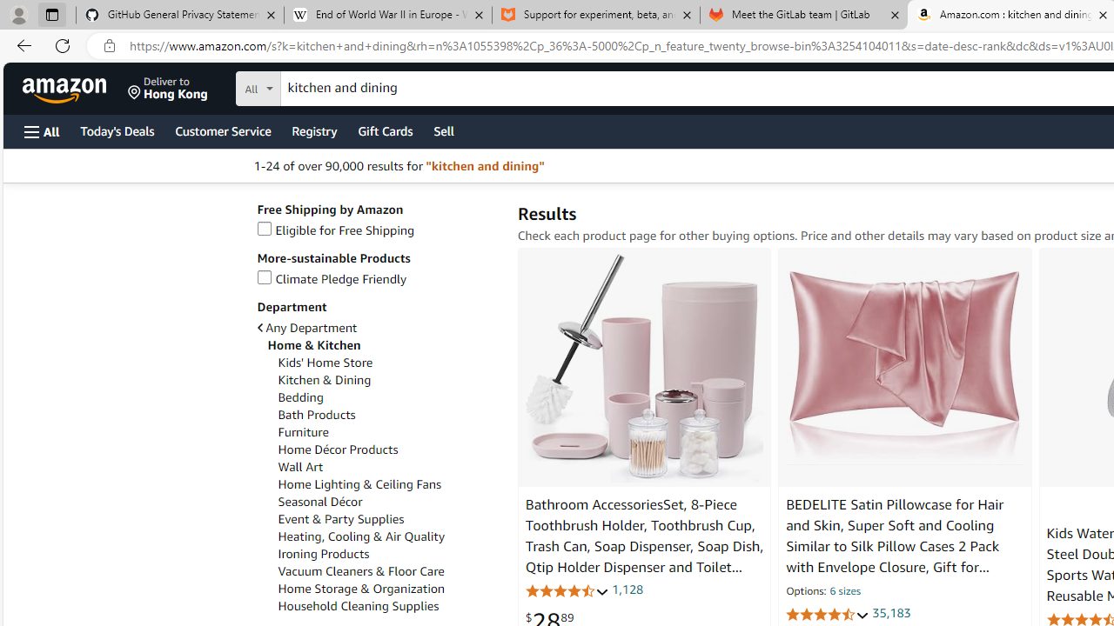  Describe the element at coordinates (377, 278) in the screenshot. I see `'Climate Pledge Friendly'` at that location.